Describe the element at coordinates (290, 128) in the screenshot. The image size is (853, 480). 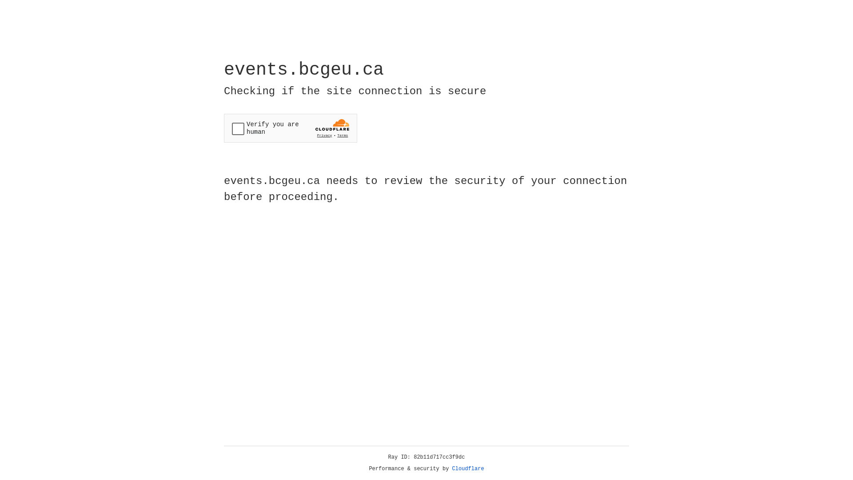
I see `'Widget containing a Cloudflare security challenge'` at that location.